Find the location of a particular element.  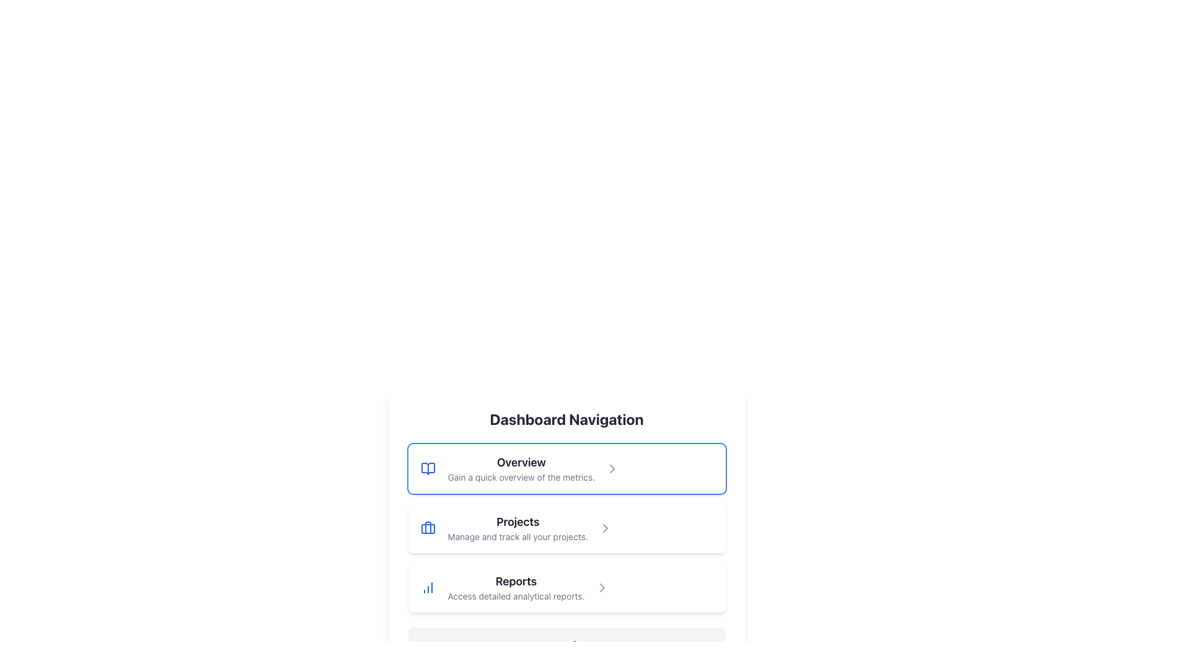

the chevron arrow icon located to the far right of the 'Reports' menu item is located at coordinates (602, 587).